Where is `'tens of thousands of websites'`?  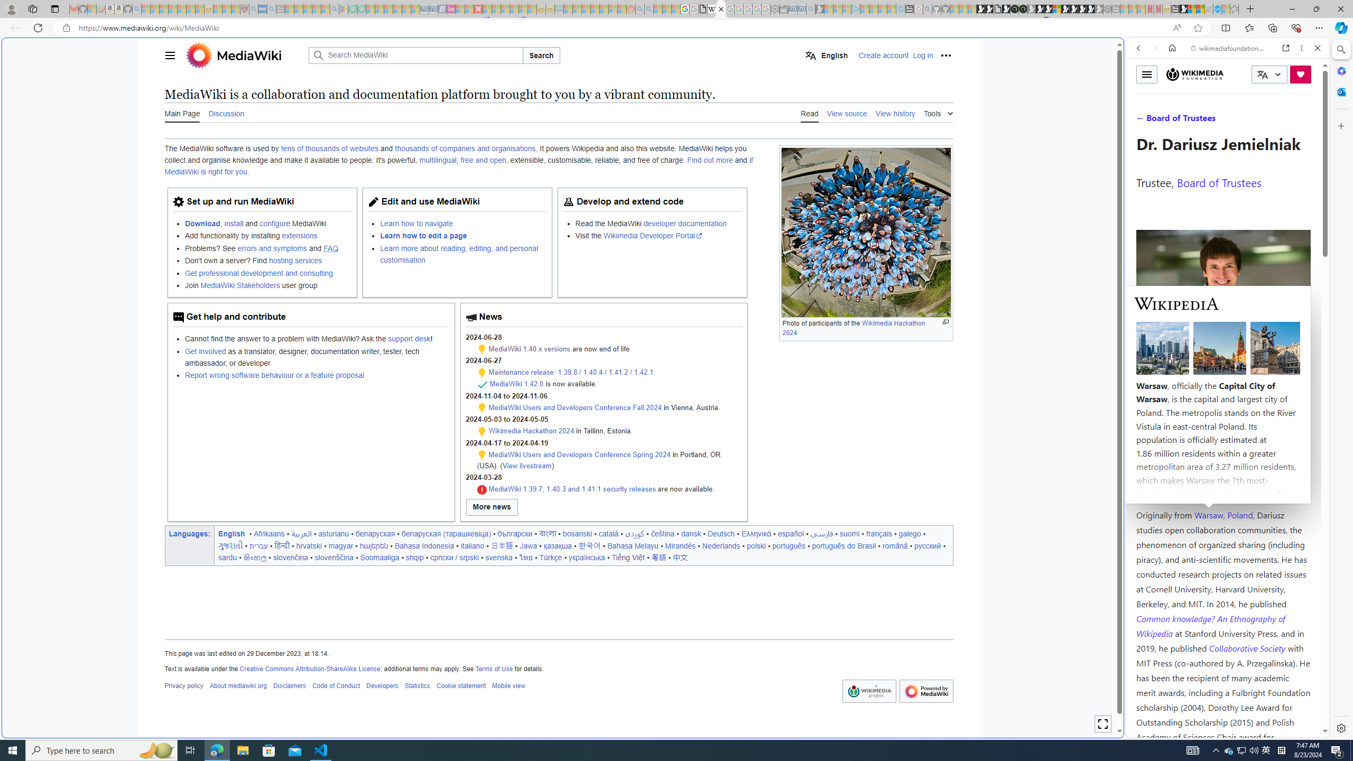 'tens of thousands of websites' is located at coordinates (329, 148).